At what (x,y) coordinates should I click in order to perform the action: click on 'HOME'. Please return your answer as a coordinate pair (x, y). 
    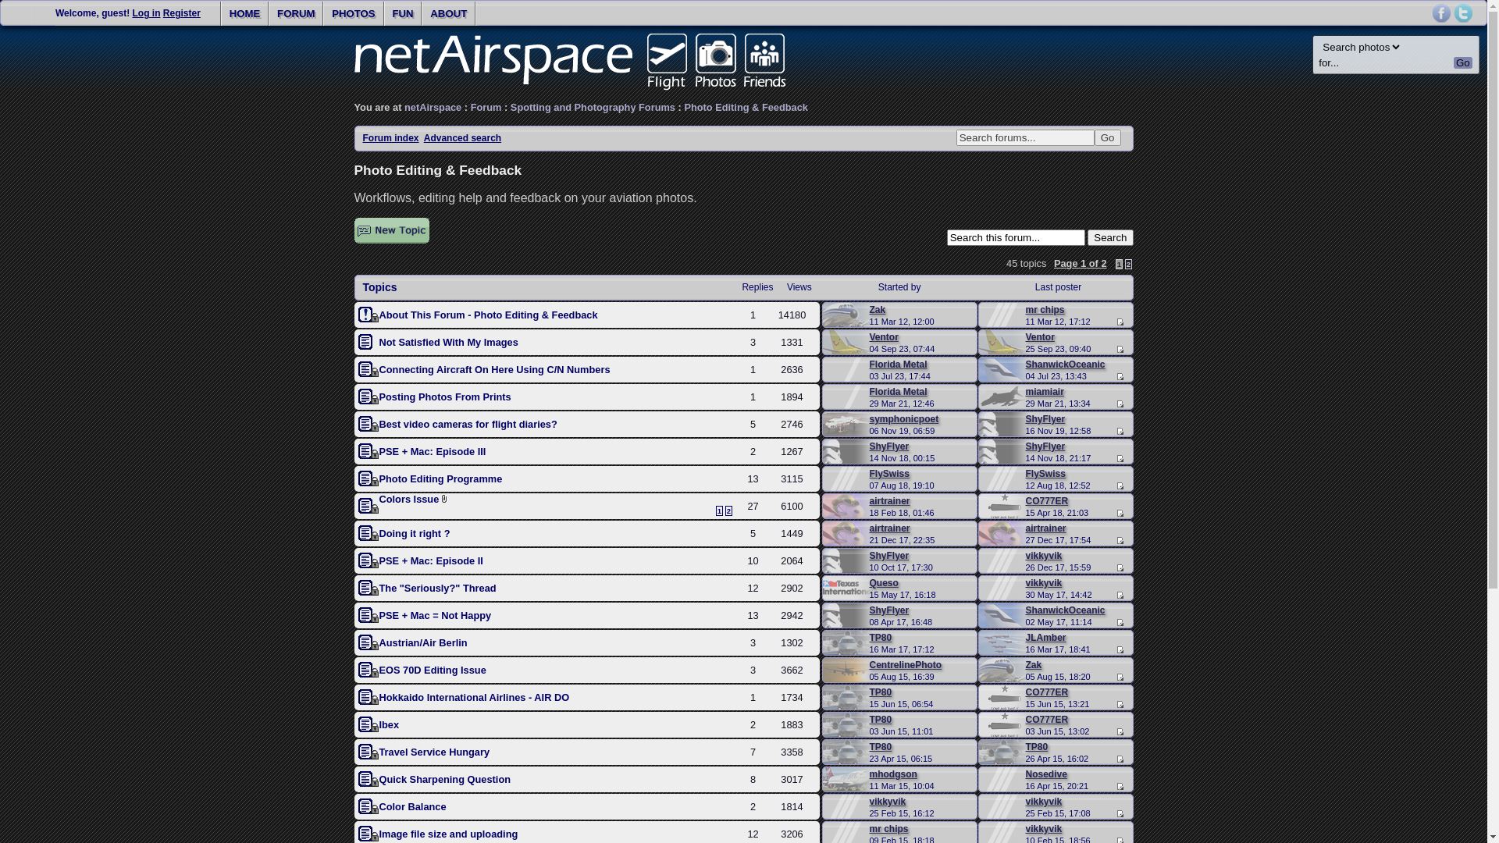
    Looking at the image, I should click on (220, 13).